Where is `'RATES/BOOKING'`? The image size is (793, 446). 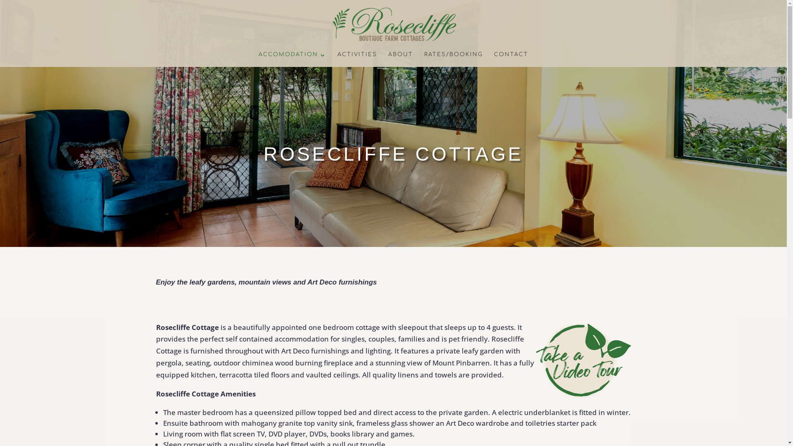 'RATES/BOOKING' is located at coordinates (424, 59).